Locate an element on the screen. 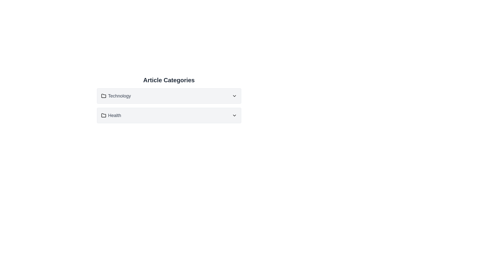  the folder icon located immediately to the left of the 'Technology' text is located at coordinates (103, 96).